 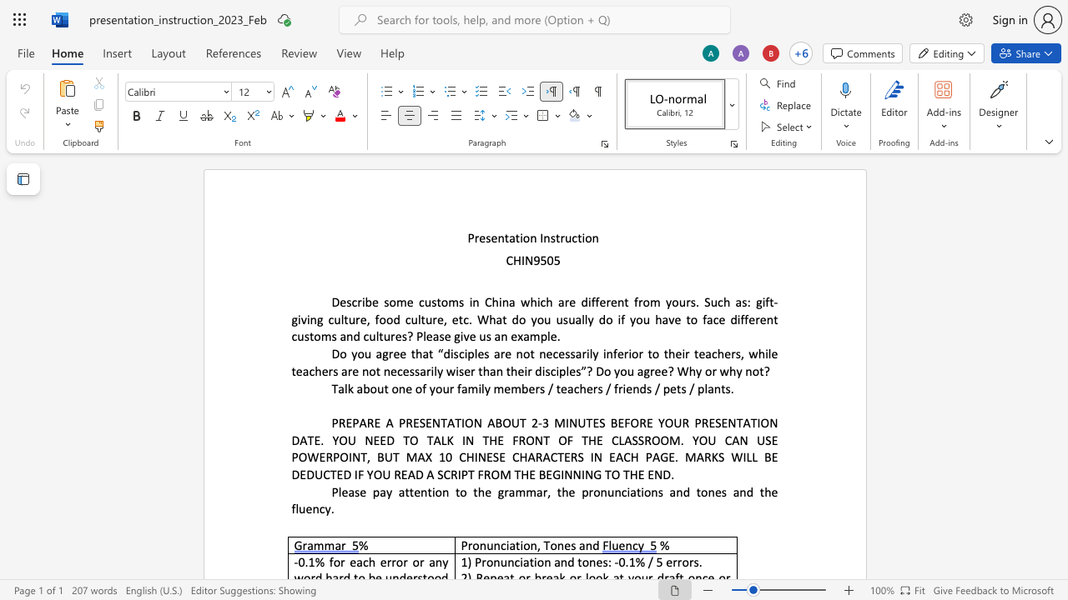 What do you see at coordinates (432, 336) in the screenshot?
I see `the space between the continuous character "e" and "a" in the text` at bounding box center [432, 336].